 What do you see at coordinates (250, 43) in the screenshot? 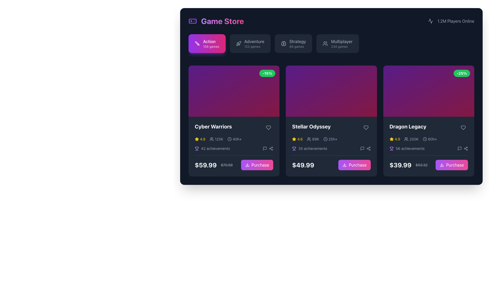
I see `the 'Adventure' button, which has a dark gray background, the label 'Adventure' in medium font, subtext '123 games' in smaller font, and a rocket icon to the left` at bounding box center [250, 43].